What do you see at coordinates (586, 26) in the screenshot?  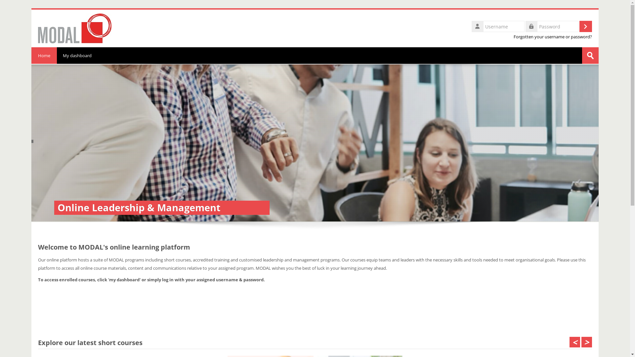 I see `'Log in'` at bounding box center [586, 26].